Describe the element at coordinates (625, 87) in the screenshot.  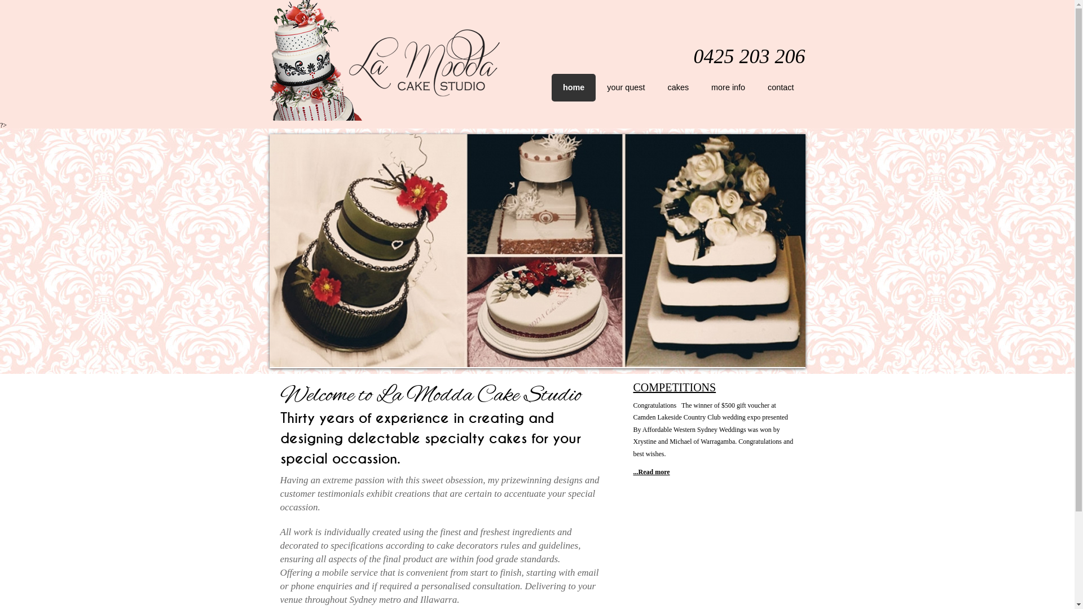
I see `'your quest'` at that location.